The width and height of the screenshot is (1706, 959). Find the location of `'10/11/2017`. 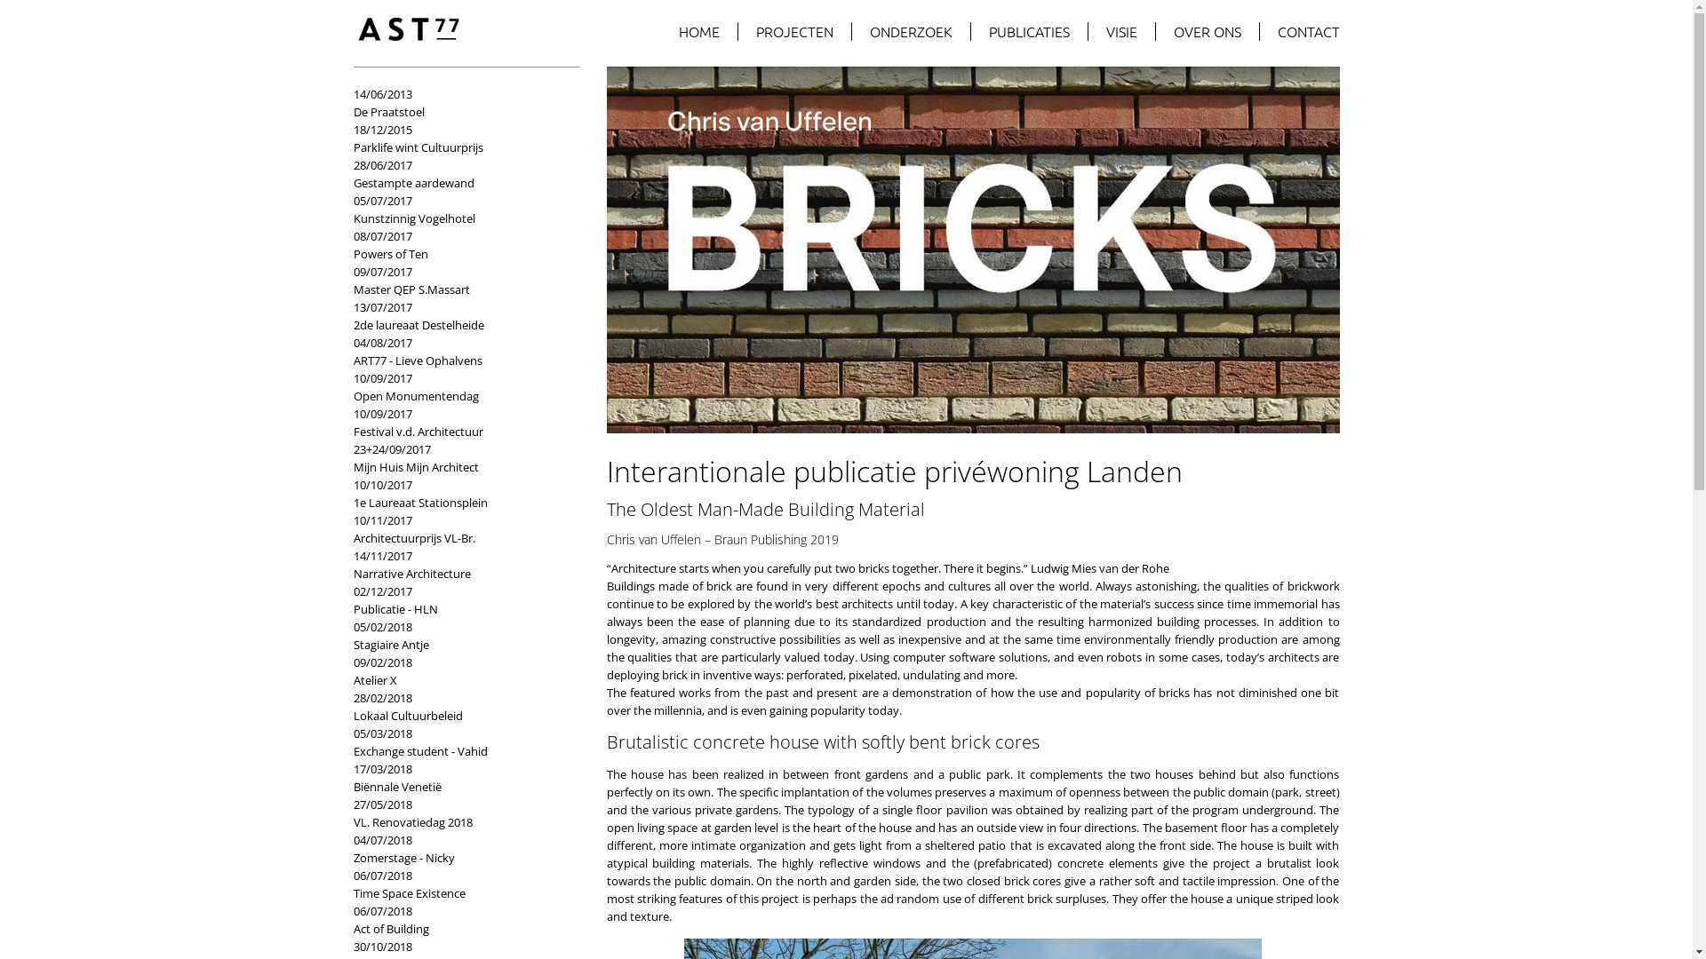

'10/11/2017 is located at coordinates (458, 528).